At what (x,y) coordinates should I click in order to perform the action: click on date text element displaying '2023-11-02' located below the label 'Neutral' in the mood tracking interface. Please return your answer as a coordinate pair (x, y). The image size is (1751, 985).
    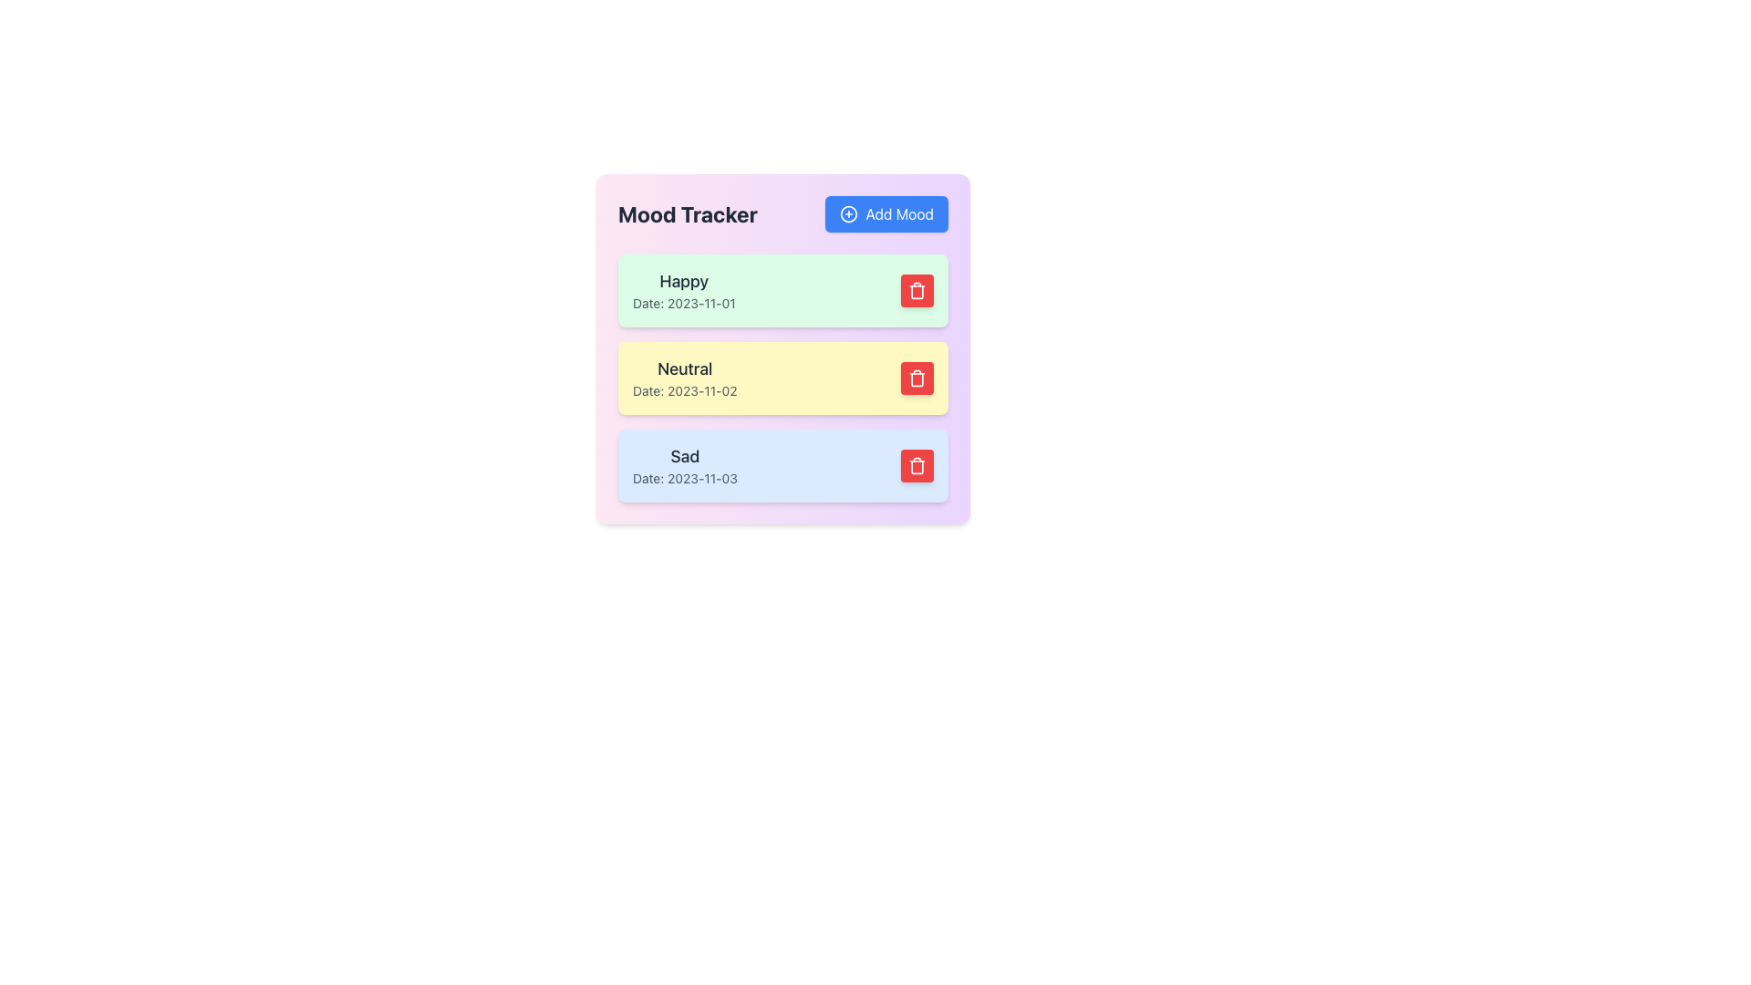
    Looking at the image, I should click on (684, 389).